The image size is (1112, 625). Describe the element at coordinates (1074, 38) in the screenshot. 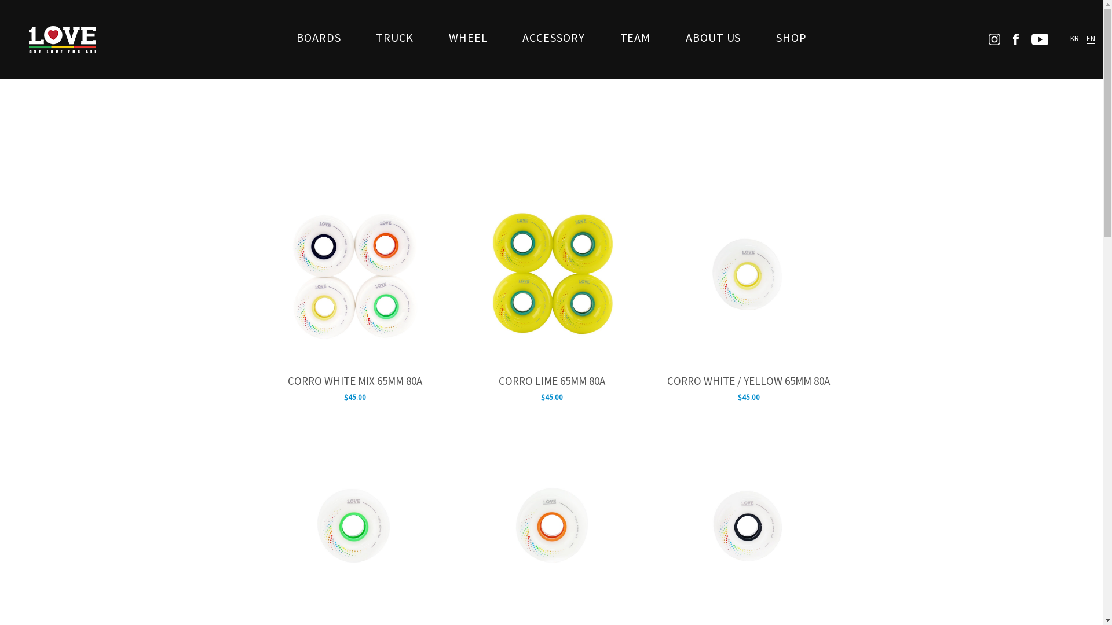

I see `'KR'` at that location.